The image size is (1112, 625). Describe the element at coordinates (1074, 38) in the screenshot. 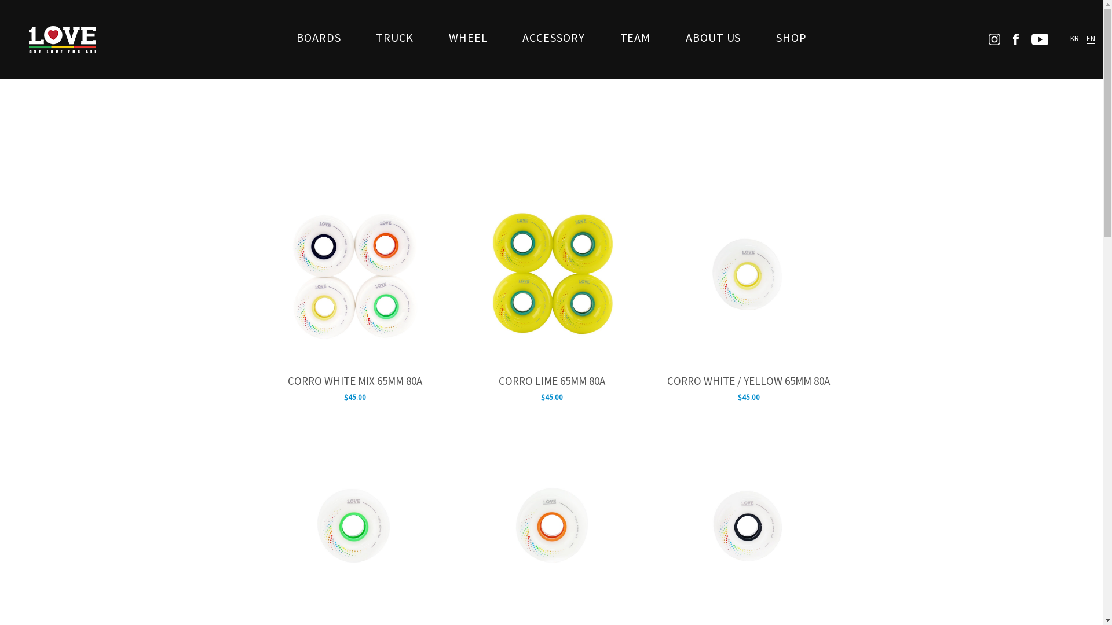

I see `'KR'` at that location.